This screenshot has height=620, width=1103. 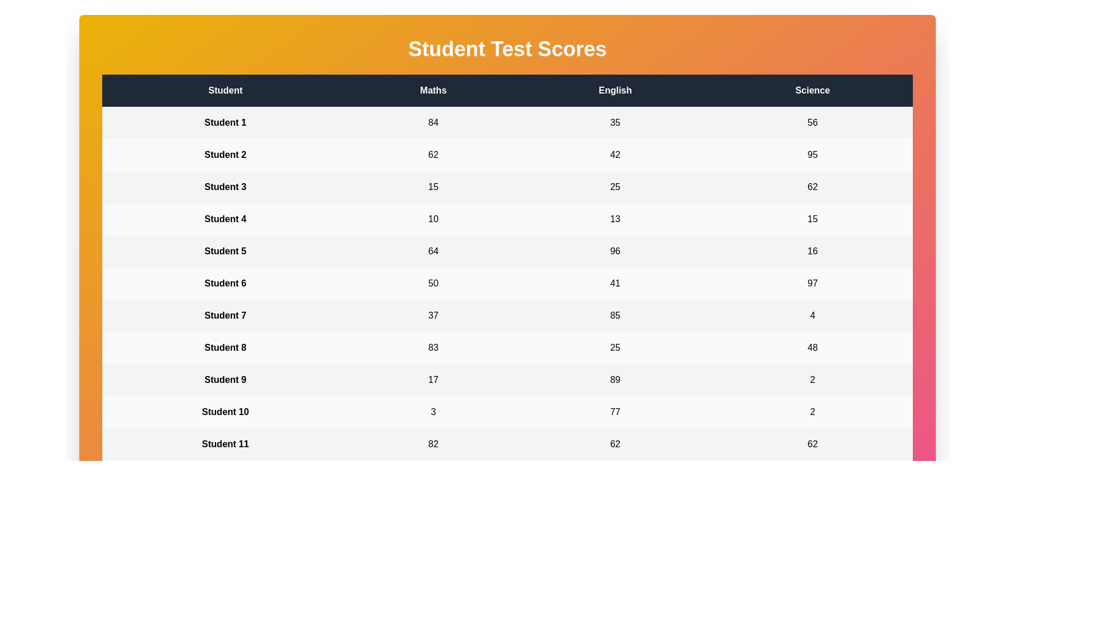 I want to click on the Student header to sort the column, so click(x=225, y=90).